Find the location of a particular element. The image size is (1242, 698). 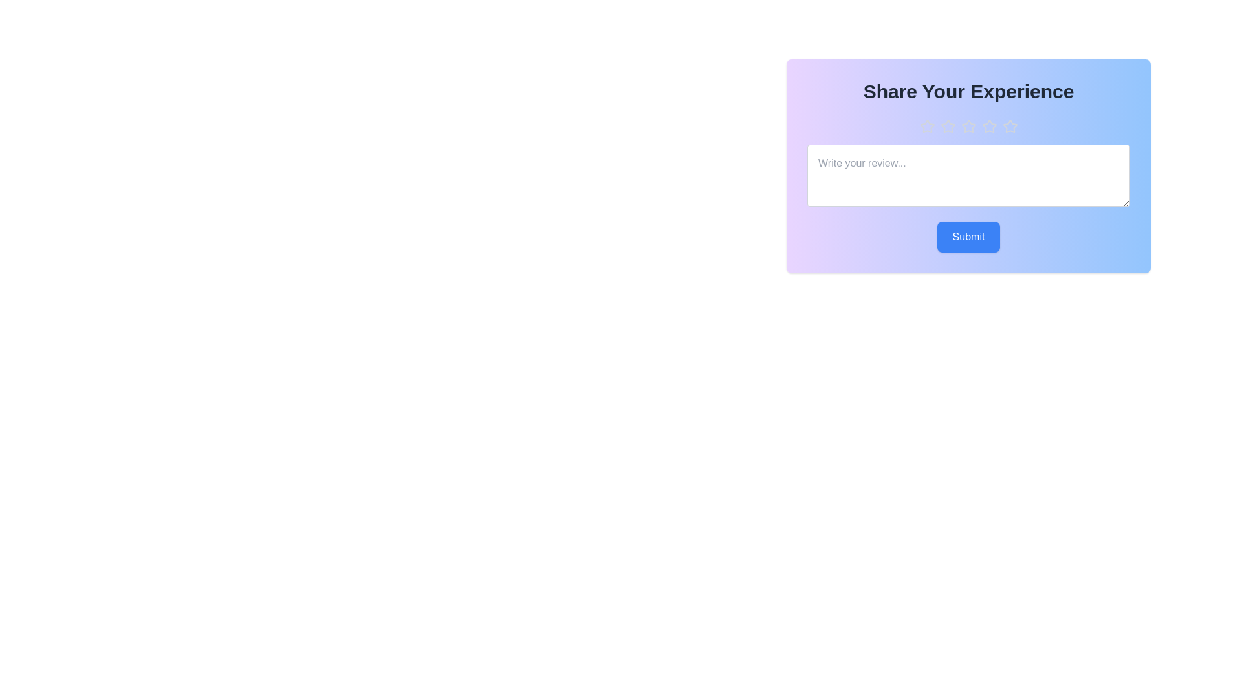

the 'Submit' button to submit the review is located at coordinates (968, 237).